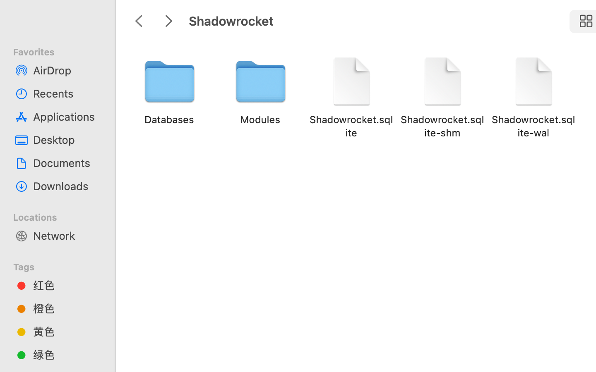 This screenshot has height=372, width=596. What do you see at coordinates (66, 331) in the screenshot?
I see `'黄色'` at bounding box center [66, 331].